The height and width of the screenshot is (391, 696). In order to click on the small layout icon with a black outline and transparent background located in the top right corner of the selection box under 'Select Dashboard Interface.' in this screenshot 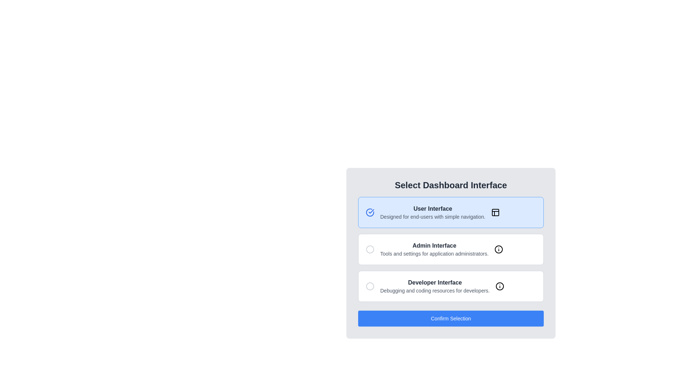, I will do `click(495, 212)`.